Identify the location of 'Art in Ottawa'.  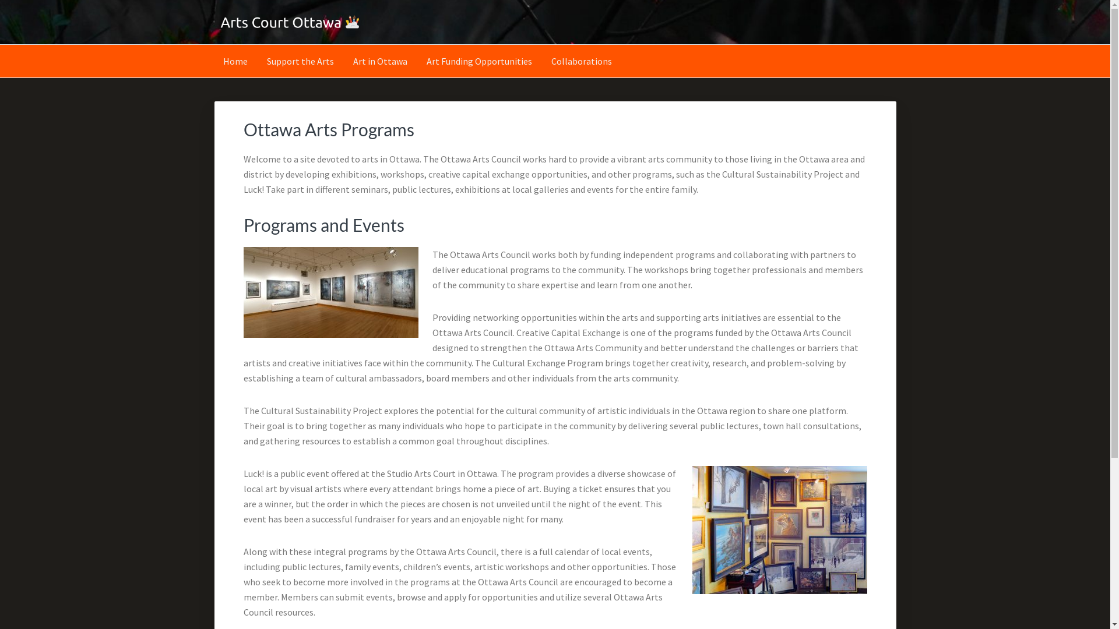
(379, 61).